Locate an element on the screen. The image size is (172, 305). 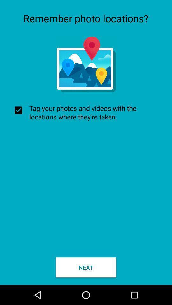
the checkbox below tag your photos is located at coordinates (86, 267).